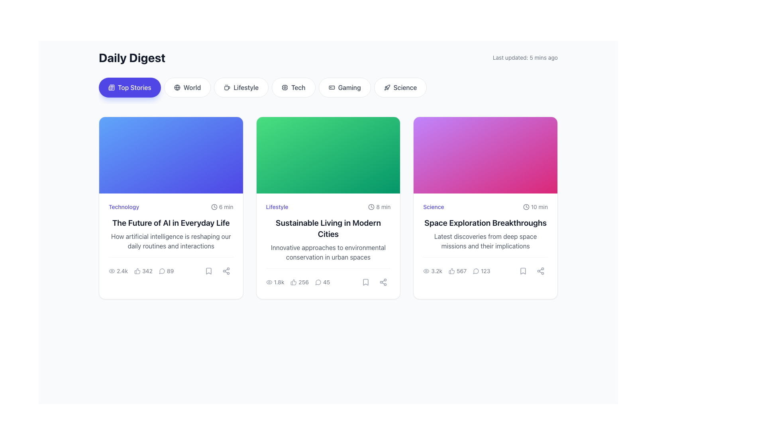  Describe the element at coordinates (331, 87) in the screenshot. I see `the button labeled 'Gaming' which is located on the left side of the navigation options at the top of the main content area` at that location.